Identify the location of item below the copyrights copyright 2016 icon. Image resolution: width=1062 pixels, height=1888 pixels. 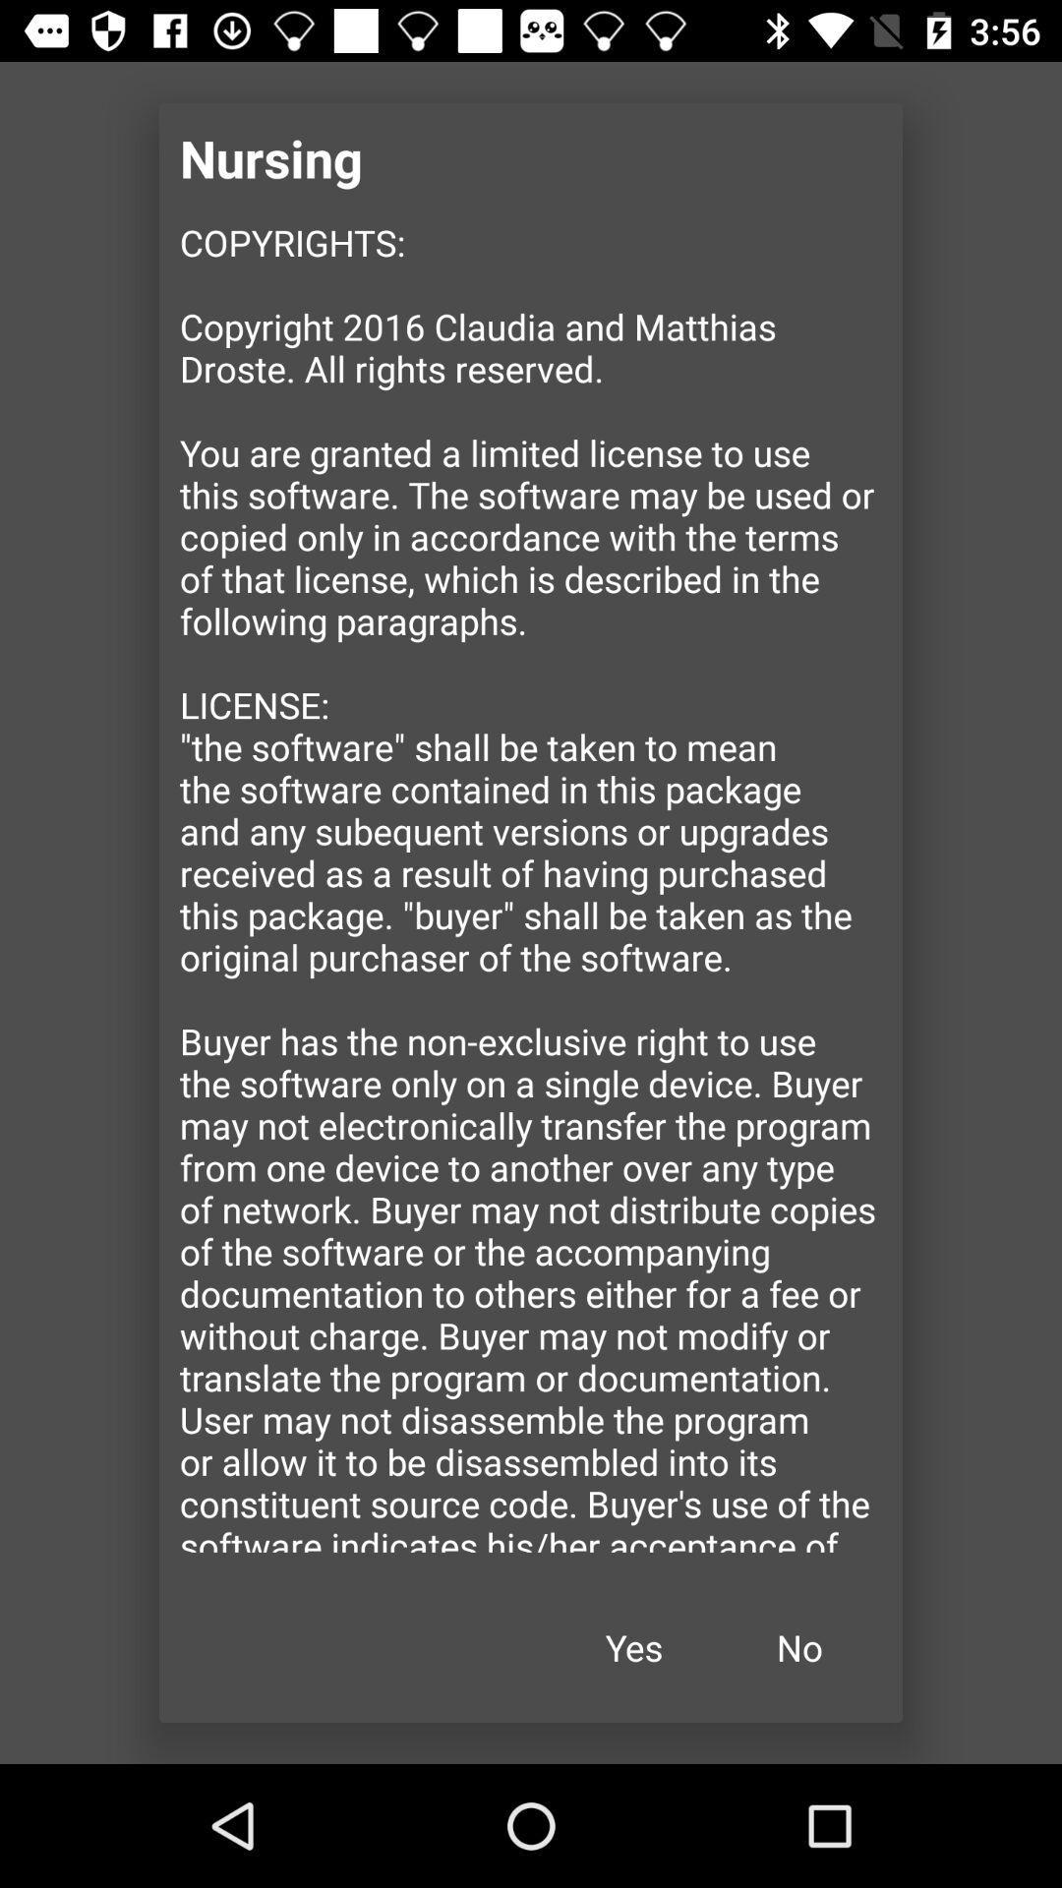
(799, 1647).